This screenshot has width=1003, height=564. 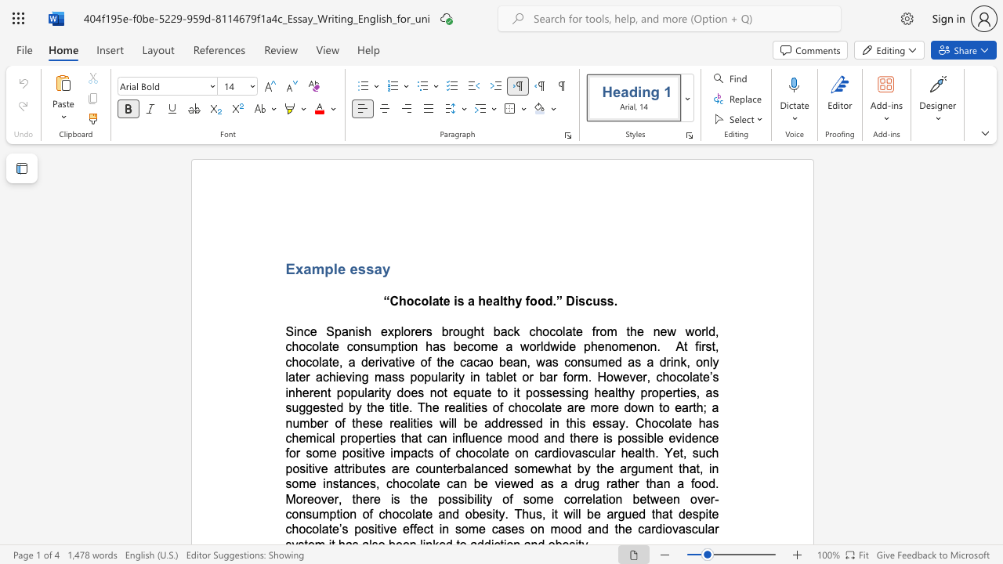 What do you see at coordinates (662, 377) in the screenshot?
I see `the subset text "hocolate’s inherent popularity does not equate" within the text "At first, chocolate, a derivative of the cacao bean, was consumed as a drink, only later achieving mass popularity in tablet or bar form. However, chocolate’s inherent popularity does not equate to it"` at bounding box center [662, 377].